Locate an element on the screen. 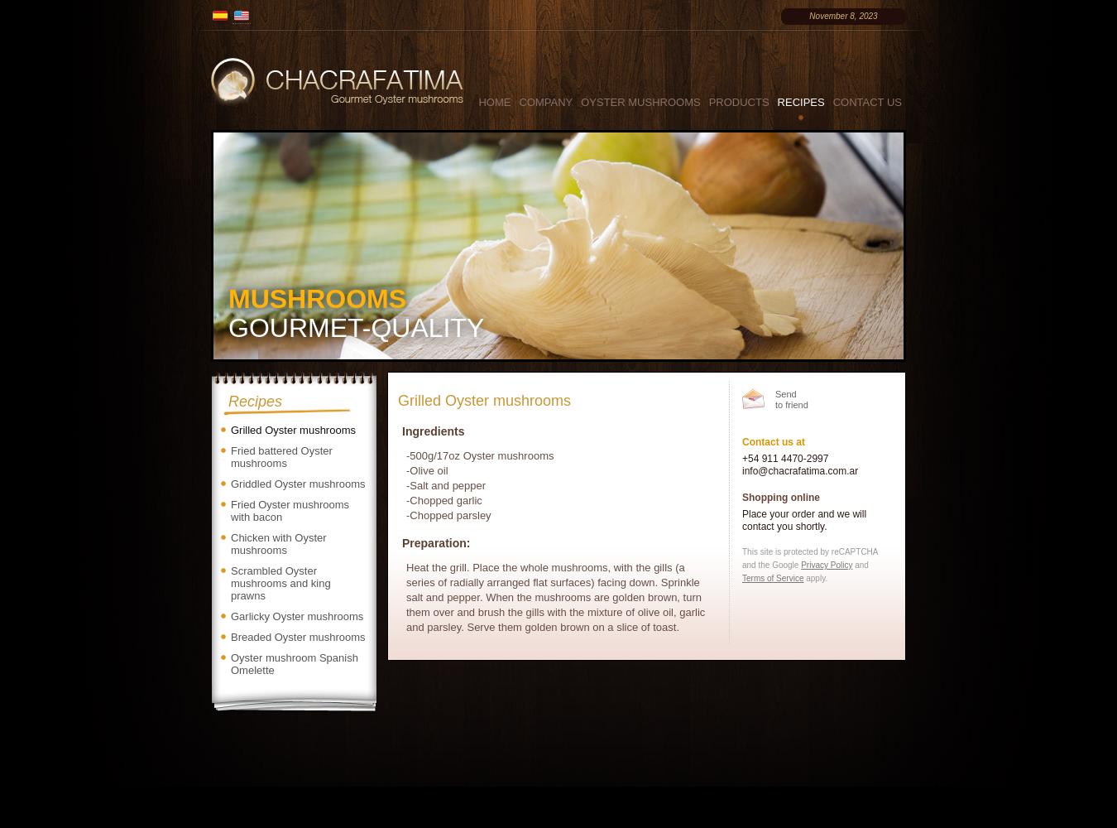 Image resolution: width=1117 pixels, height=828 pixels. 'info@chacrafatima.com.ar' is located at coordinates (799, 470).